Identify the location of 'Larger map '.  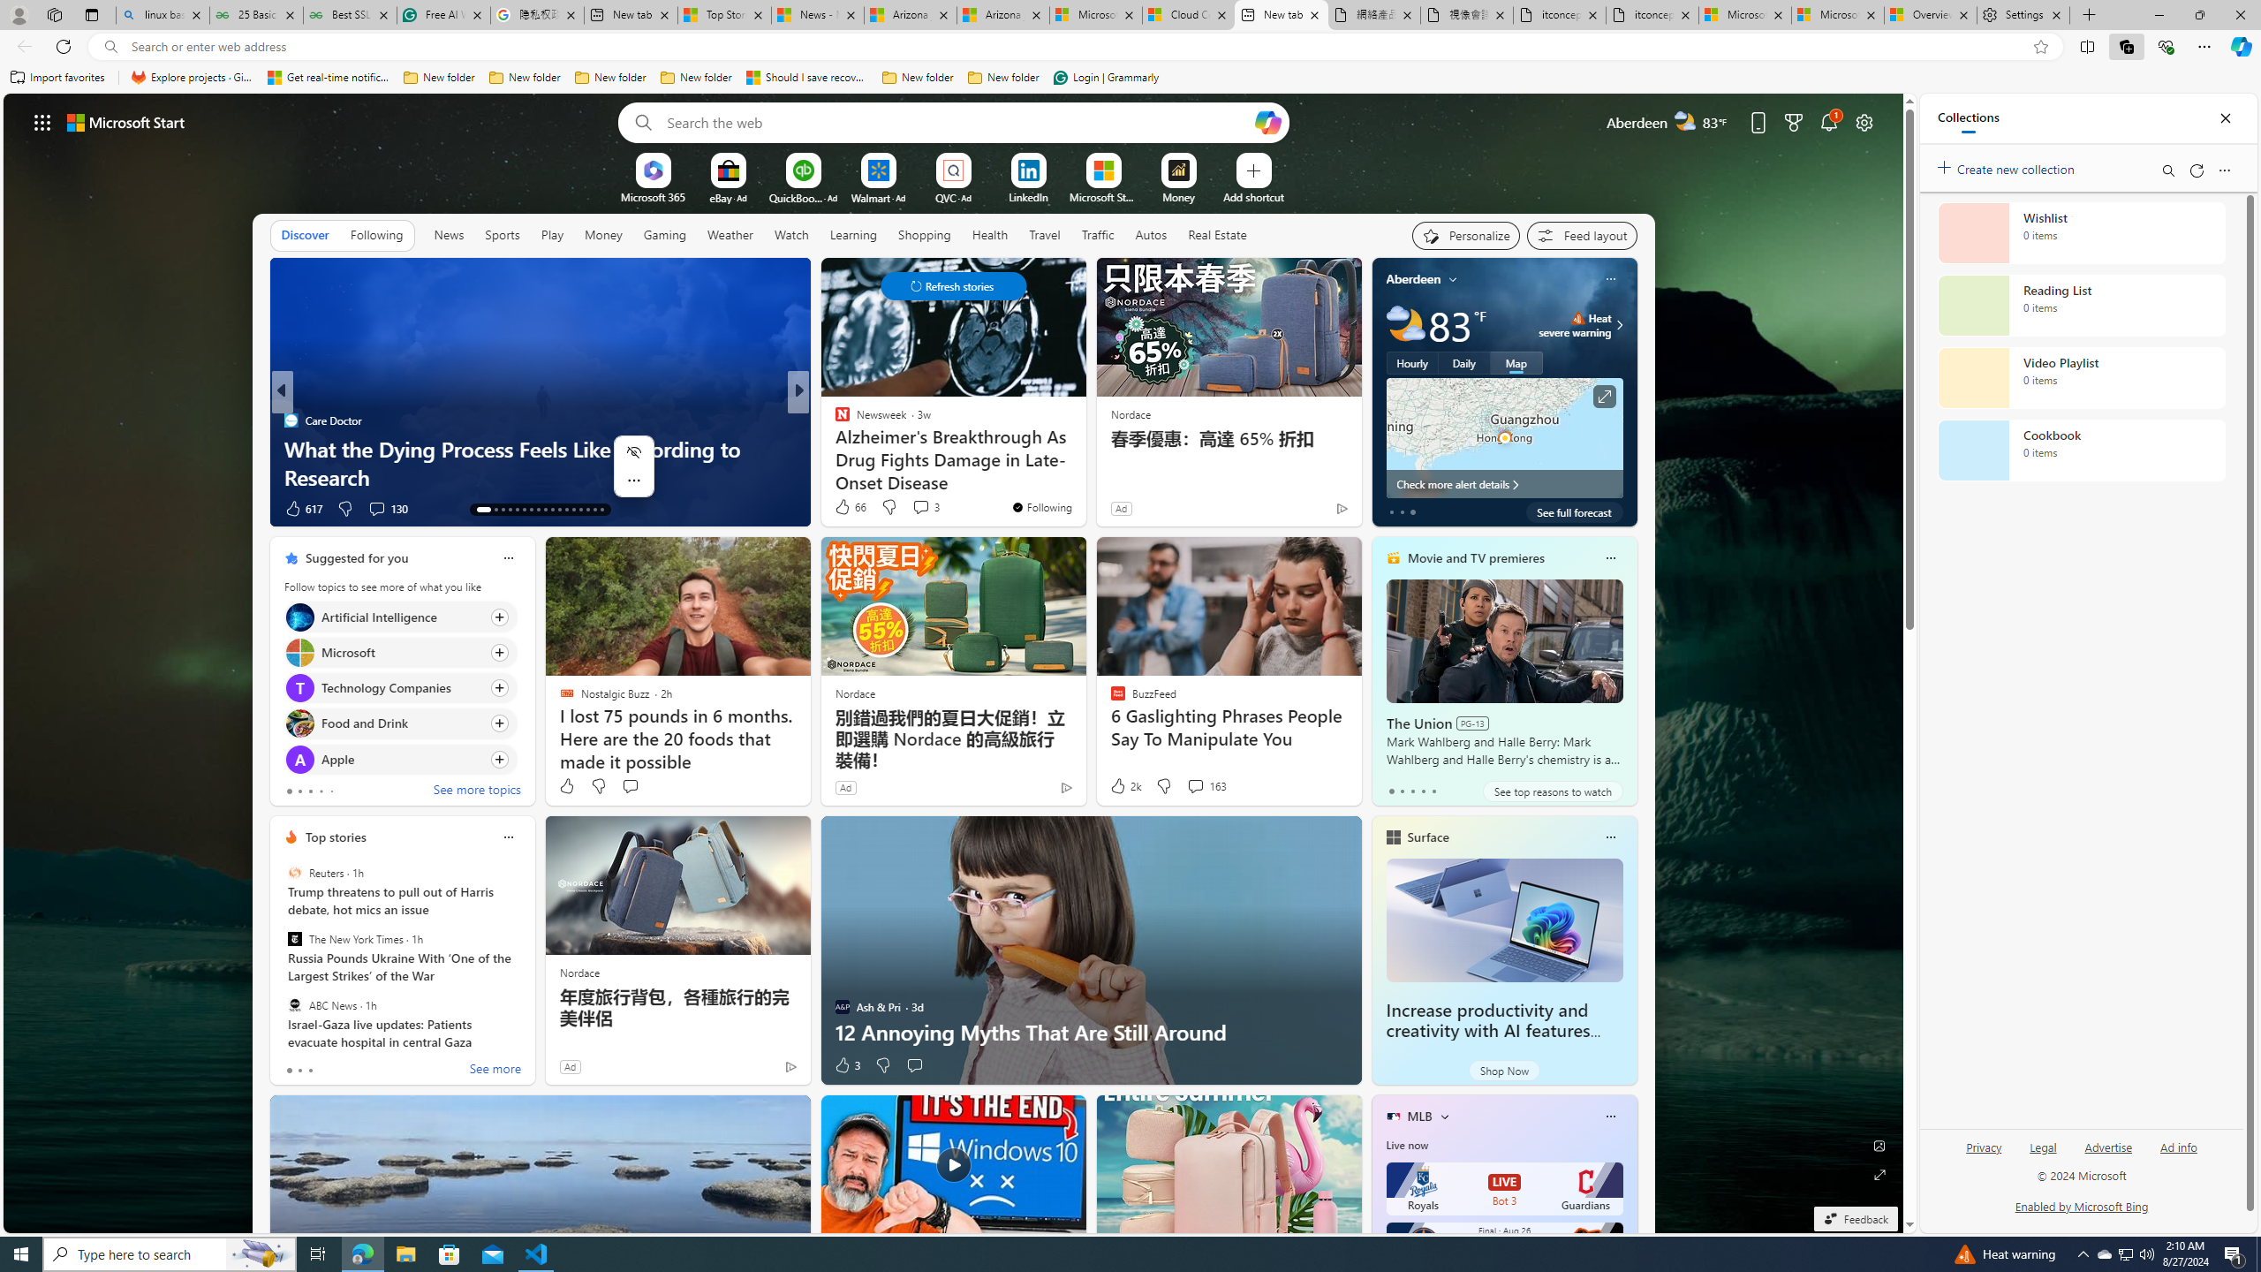
(1504, 437).